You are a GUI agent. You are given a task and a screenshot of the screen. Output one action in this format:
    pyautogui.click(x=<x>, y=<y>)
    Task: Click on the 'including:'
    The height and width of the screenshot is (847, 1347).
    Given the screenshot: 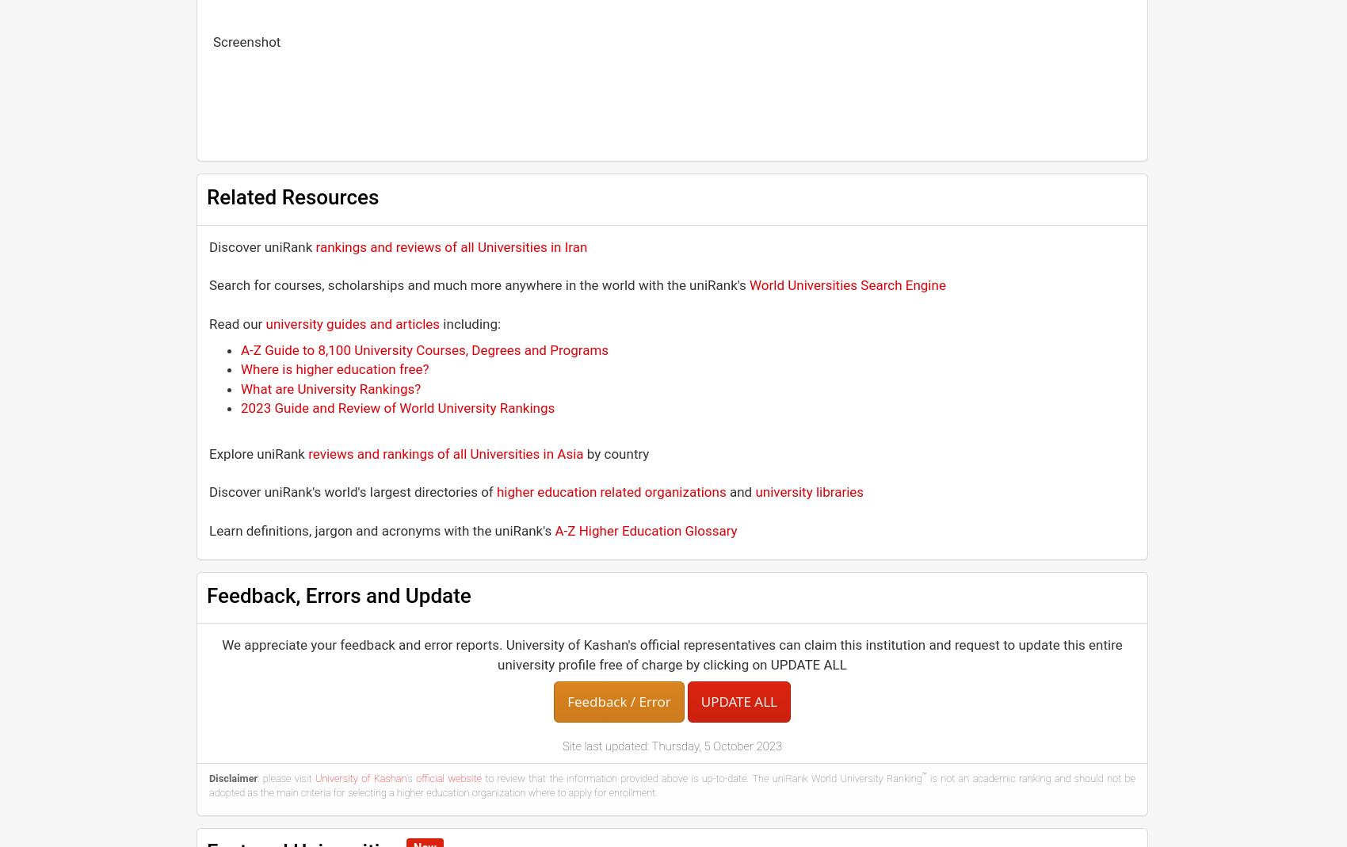 What is the action you would take?
    pyautogui.click(x=469, y=323)
    